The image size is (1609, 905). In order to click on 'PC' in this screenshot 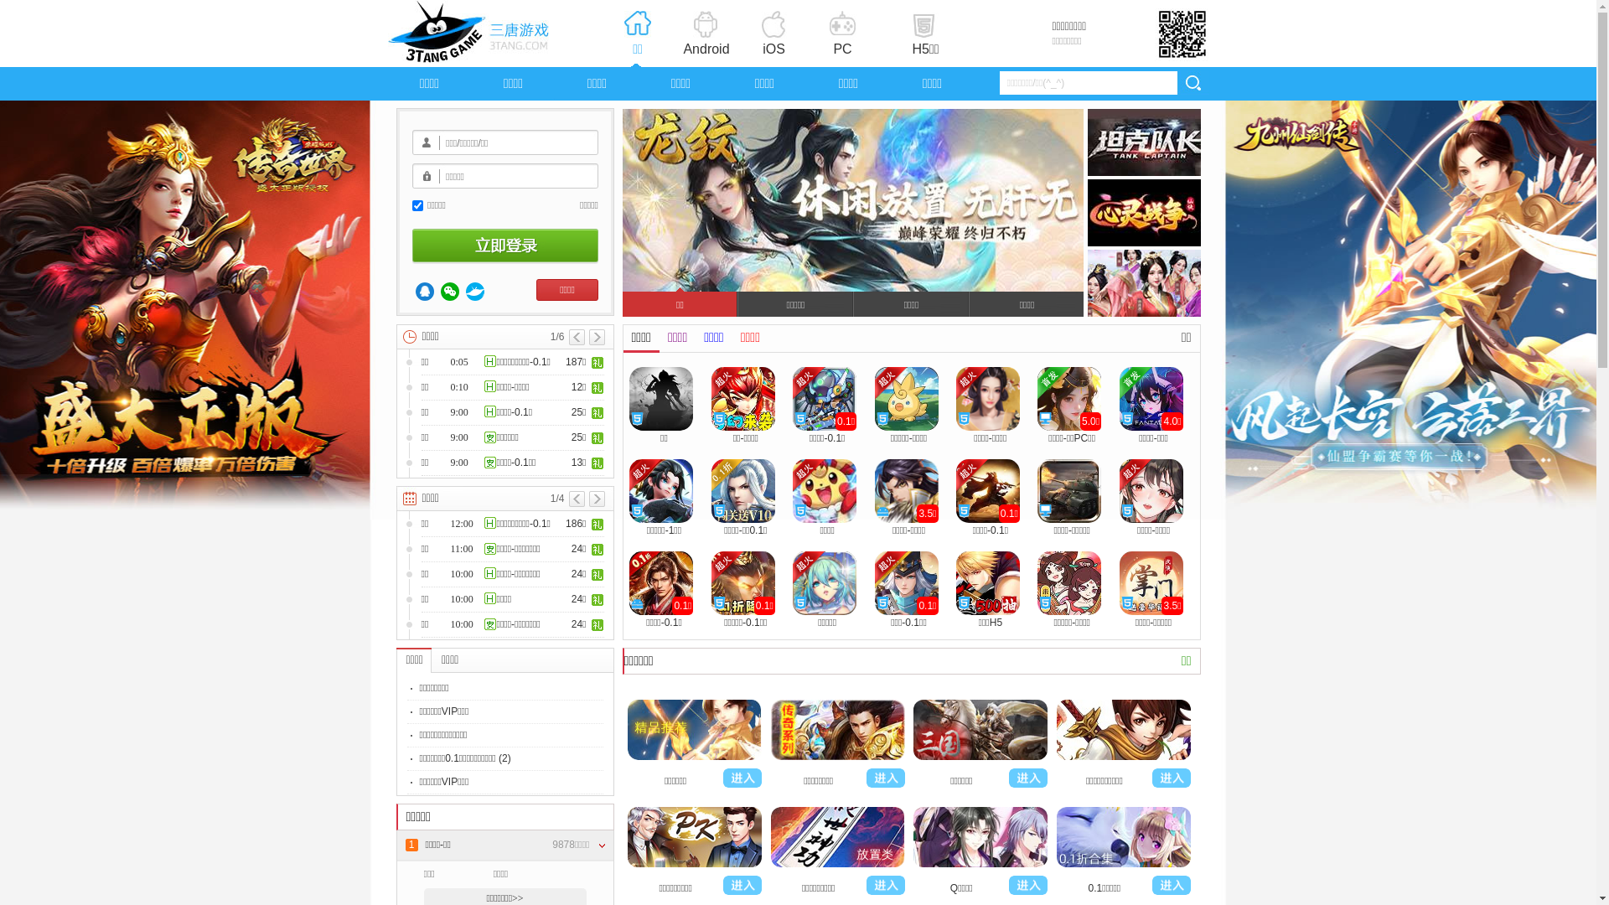, I will do `click(843, 34)`.